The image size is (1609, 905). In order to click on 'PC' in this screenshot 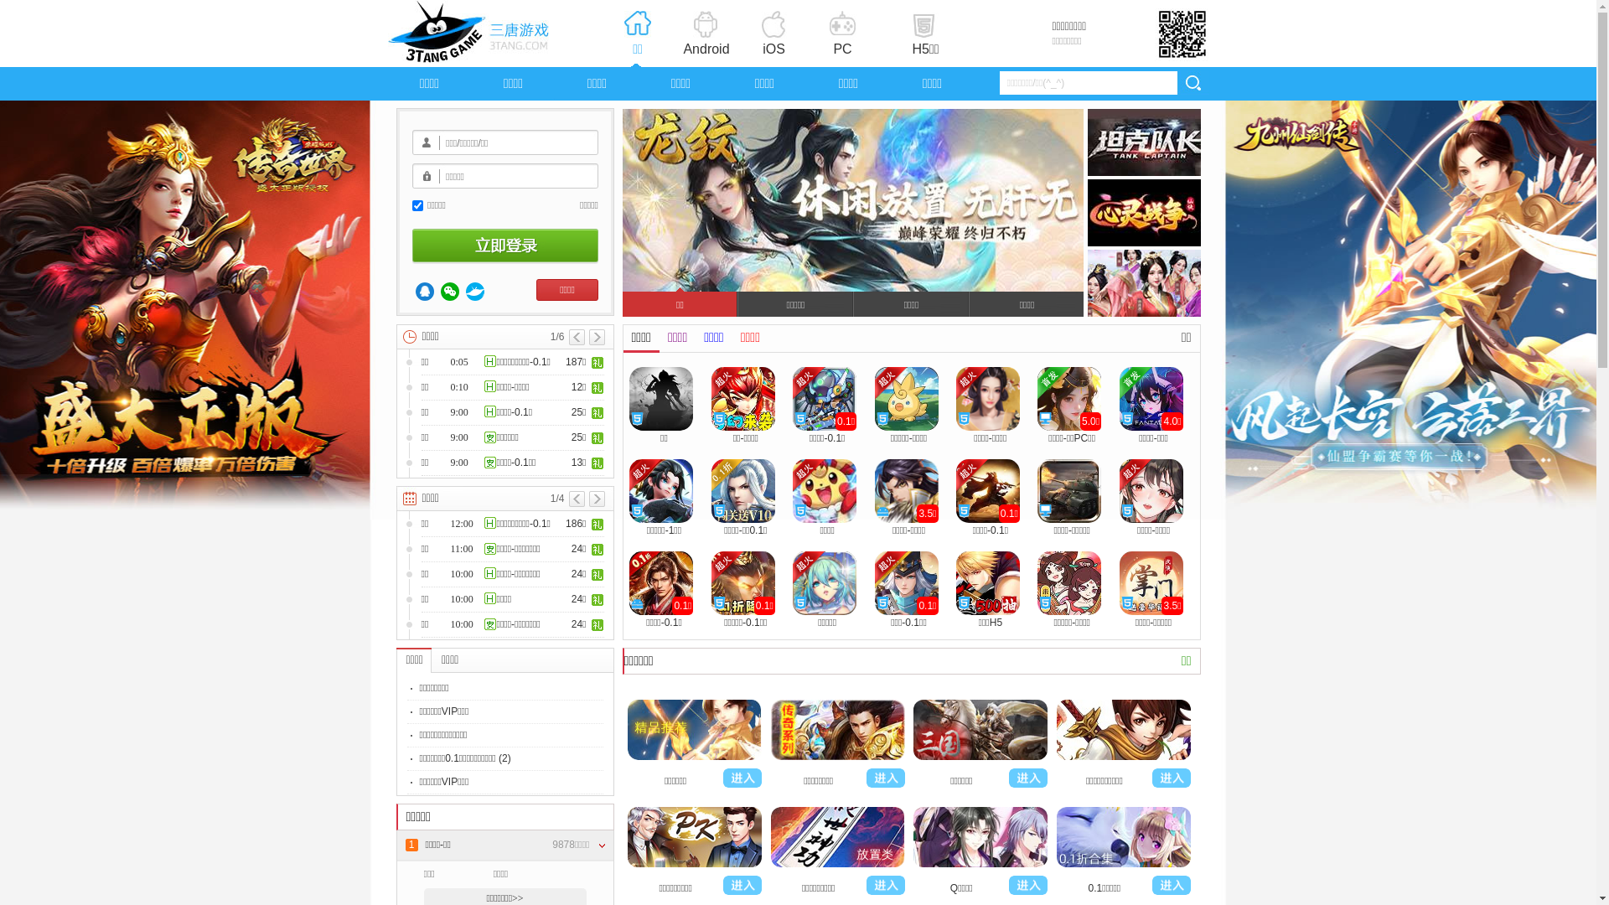, I will do `click(843, 34)`.